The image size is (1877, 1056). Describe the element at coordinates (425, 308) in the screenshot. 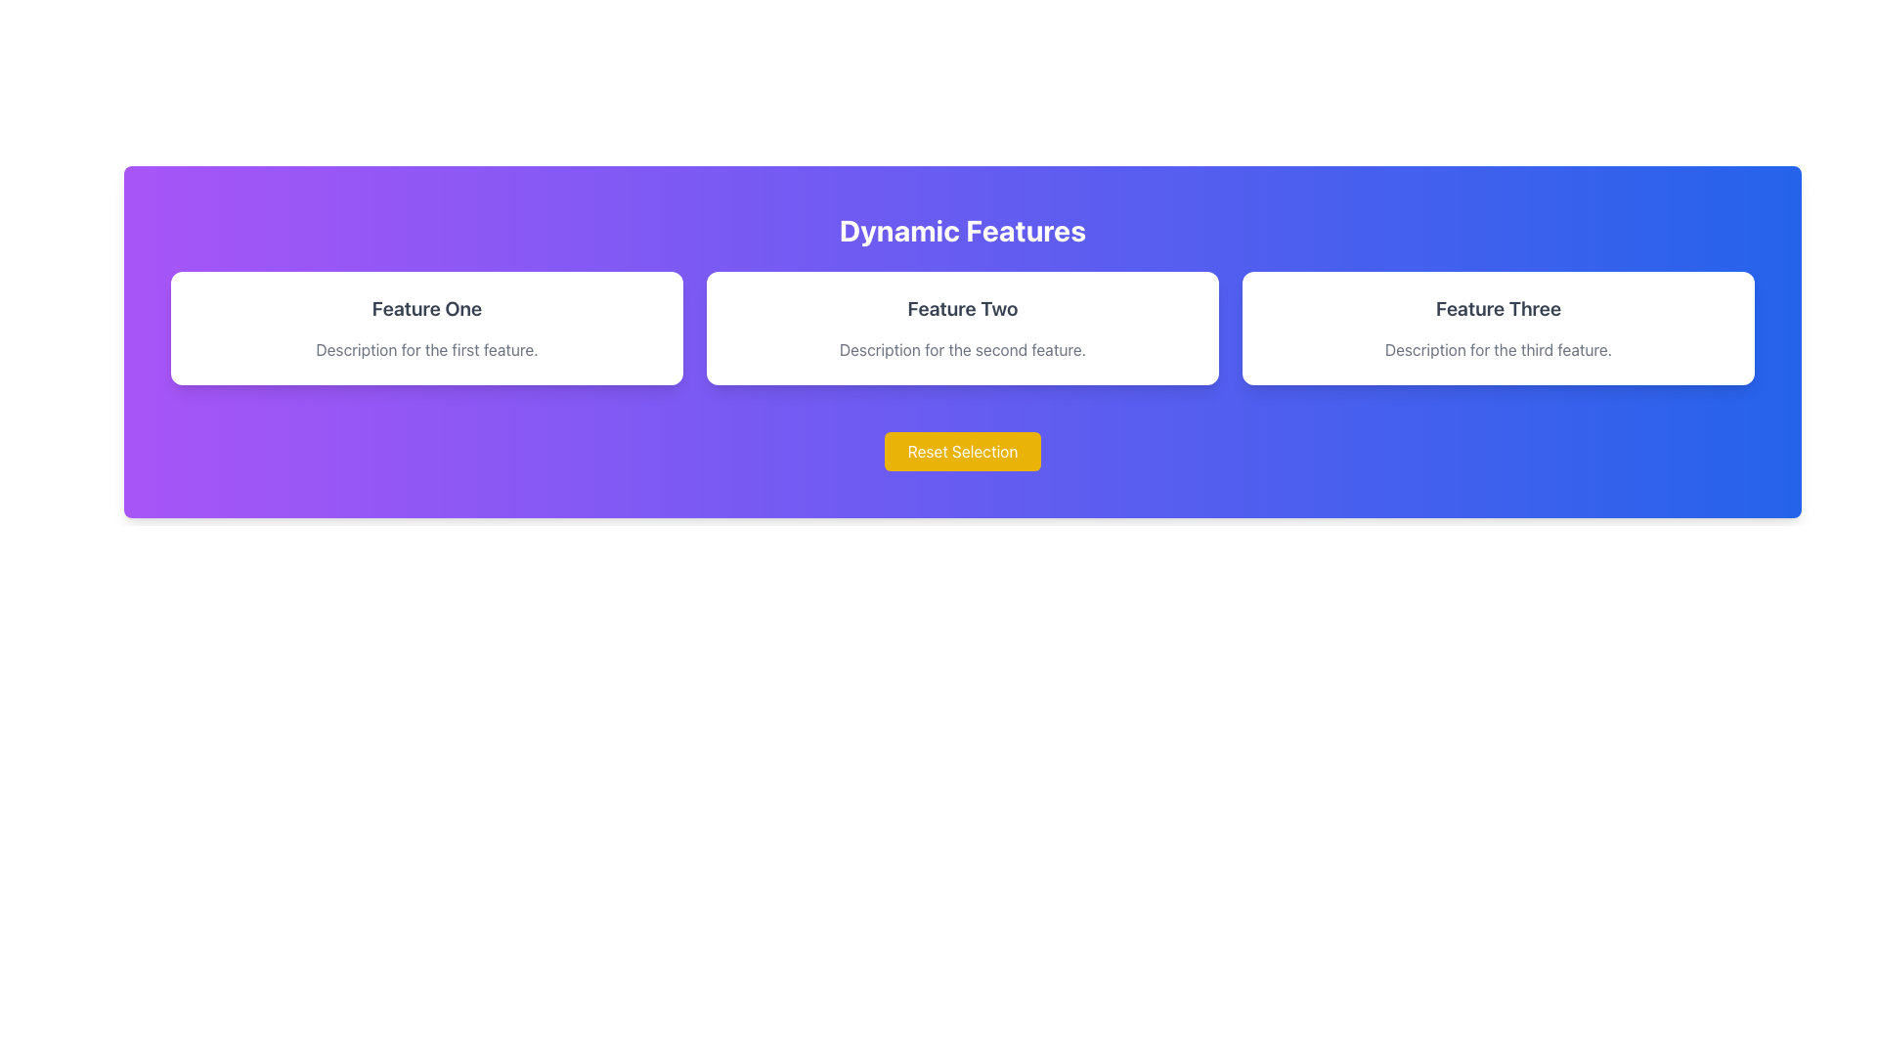

I see `text content of the 'Feature One' header, which is displayed in bold and dark gray at the top-left corner of the first card` at that location.